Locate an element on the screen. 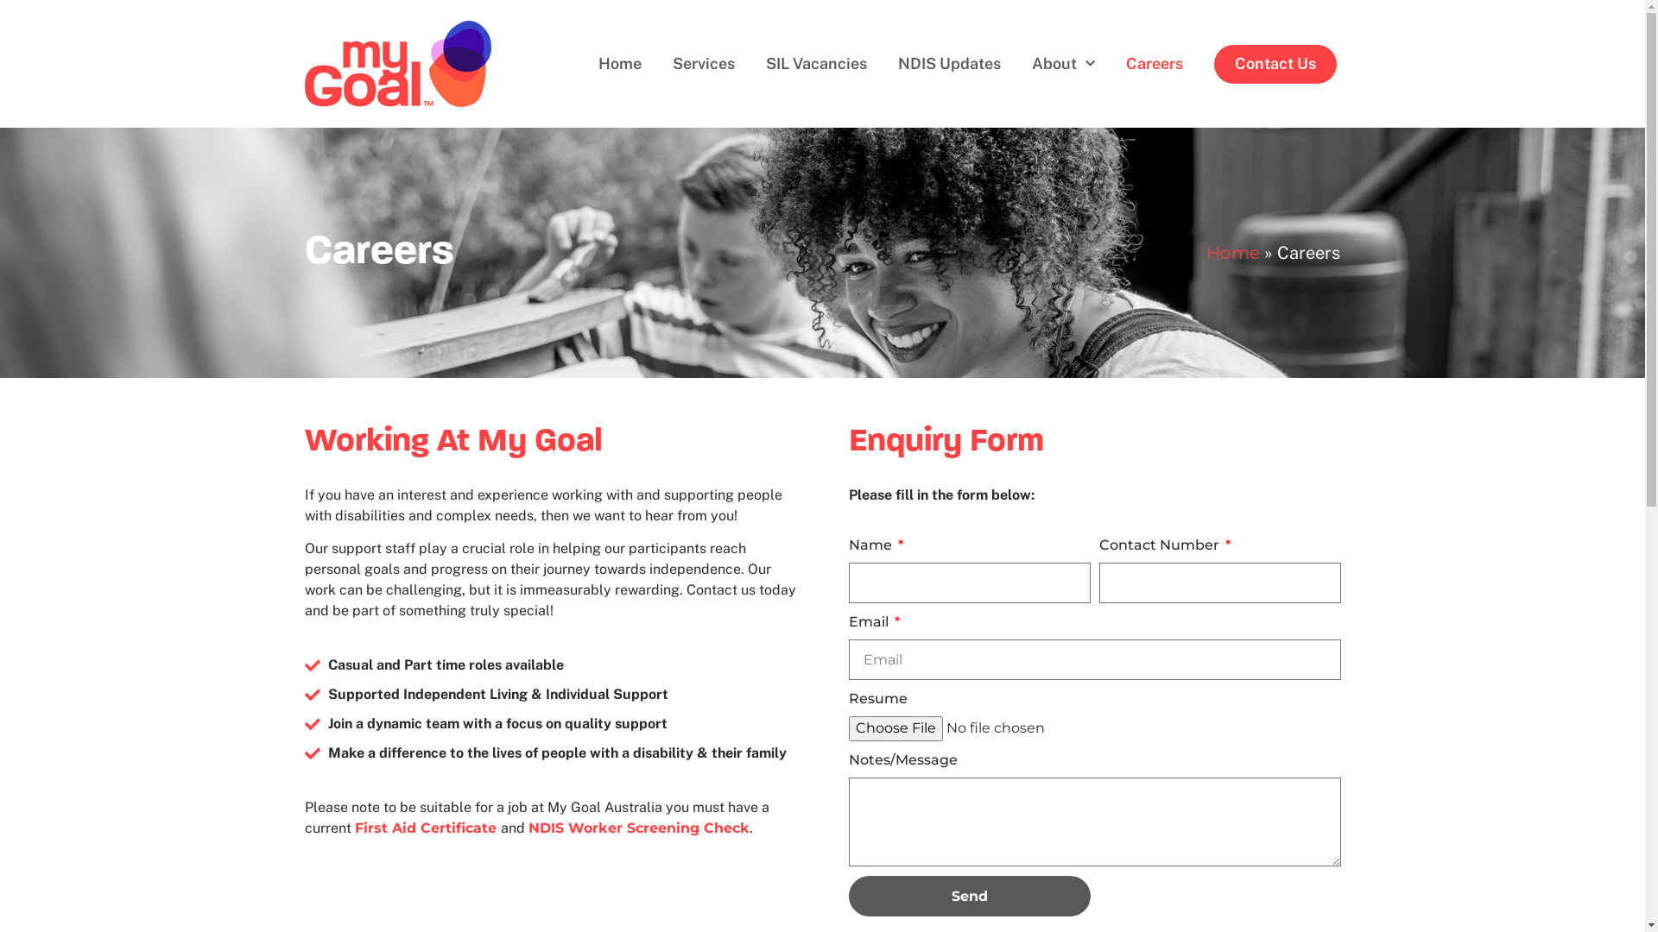 This screenshot has height=932, width=1658. 'Services' is located at coordinates (656, 63).